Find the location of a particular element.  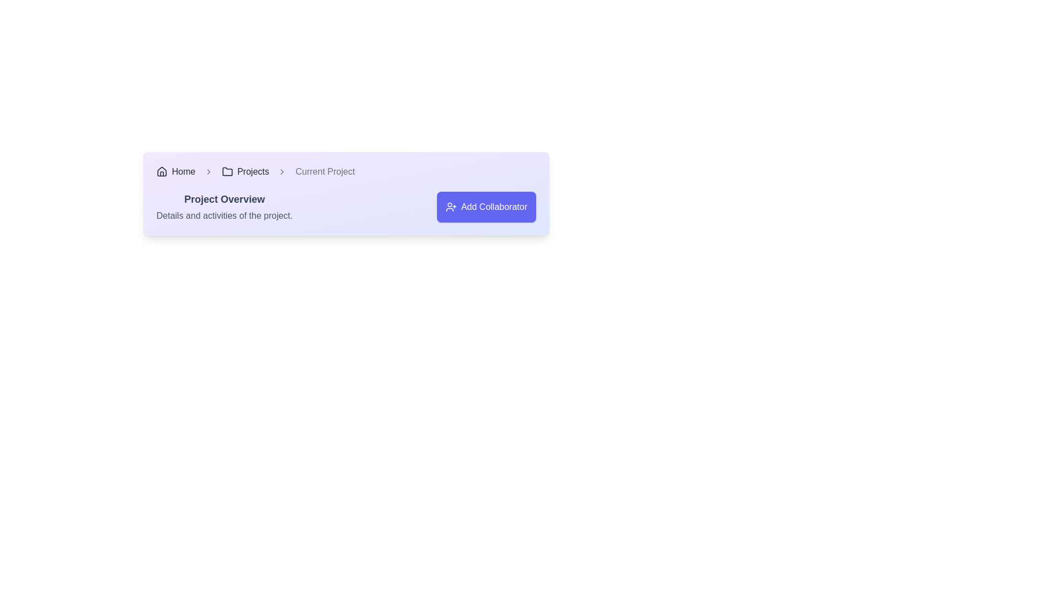

the first hyperlink in the breadcrumb navigation bar is located at coordinates (183, 172).